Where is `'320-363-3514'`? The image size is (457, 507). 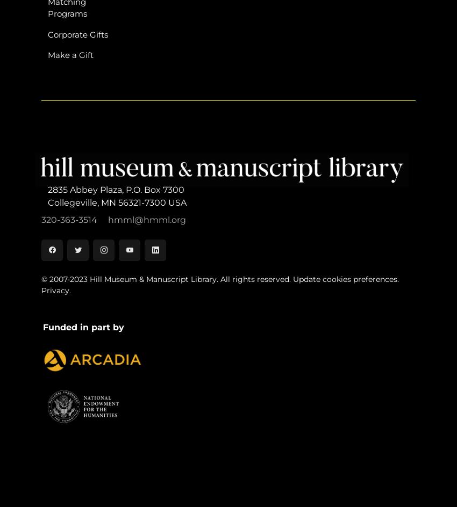
'320-363-3514' is located at coordinates (70, 220).